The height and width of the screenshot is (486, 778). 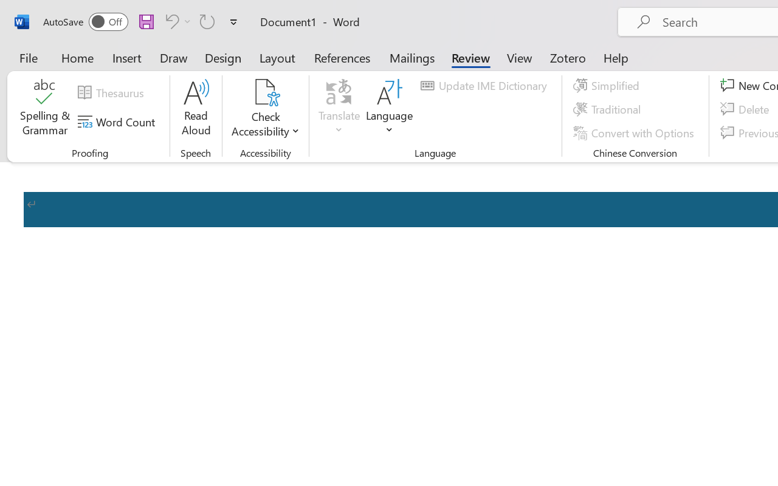 I want to click on 'Simplified', so click(x=608, y=86).